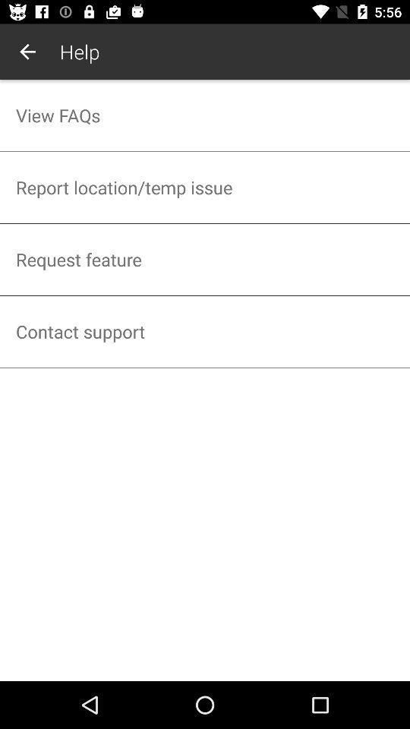  I want to click on view faqs icon, so click(205, 115).